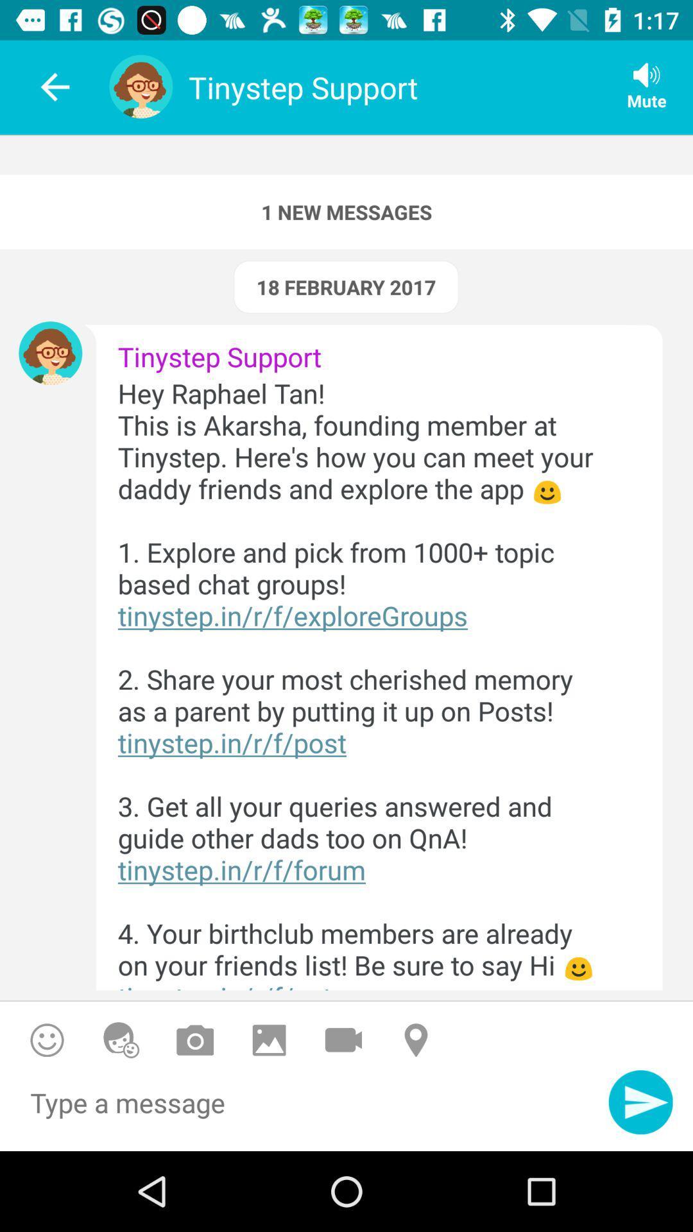 The width and height of the screenshot is (693, 1232). What do you see at coordinates (343, 1040) in the screenshot?
I see `send a video` at bounding box center [343, 1040].